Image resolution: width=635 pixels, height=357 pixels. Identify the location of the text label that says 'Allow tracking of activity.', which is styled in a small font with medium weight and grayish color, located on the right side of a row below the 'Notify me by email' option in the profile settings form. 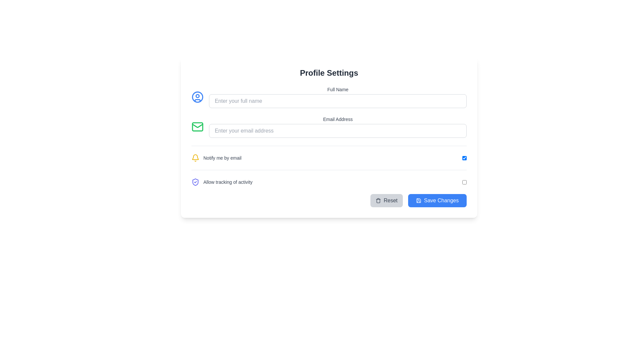
(228, 182).